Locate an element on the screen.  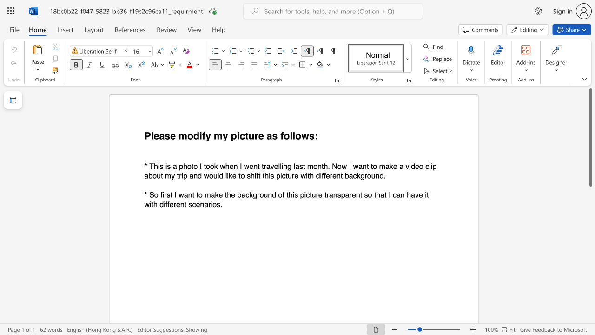
the 5th character "s" in the text is located at coordinates (190, 204).